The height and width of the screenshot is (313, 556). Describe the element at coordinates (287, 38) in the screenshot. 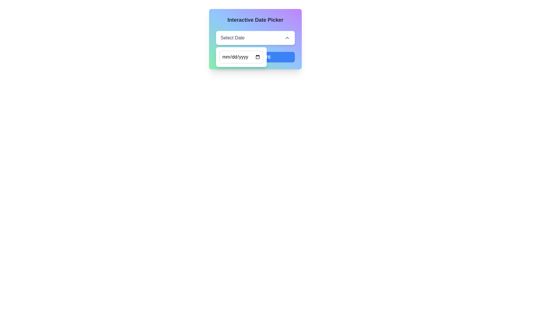

I see `the upward-pointing chevron icon located to the right of the text 'Select Date'` at that location.